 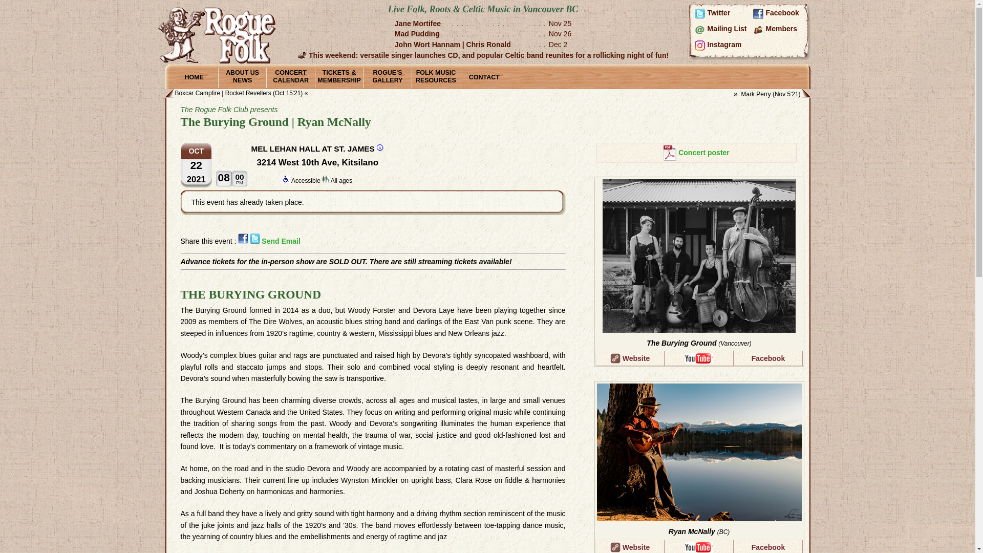 What do you see at coordinates (696, 152) in the screenshot?
I see `'Concert poster'` at bounding box center [696, 152].